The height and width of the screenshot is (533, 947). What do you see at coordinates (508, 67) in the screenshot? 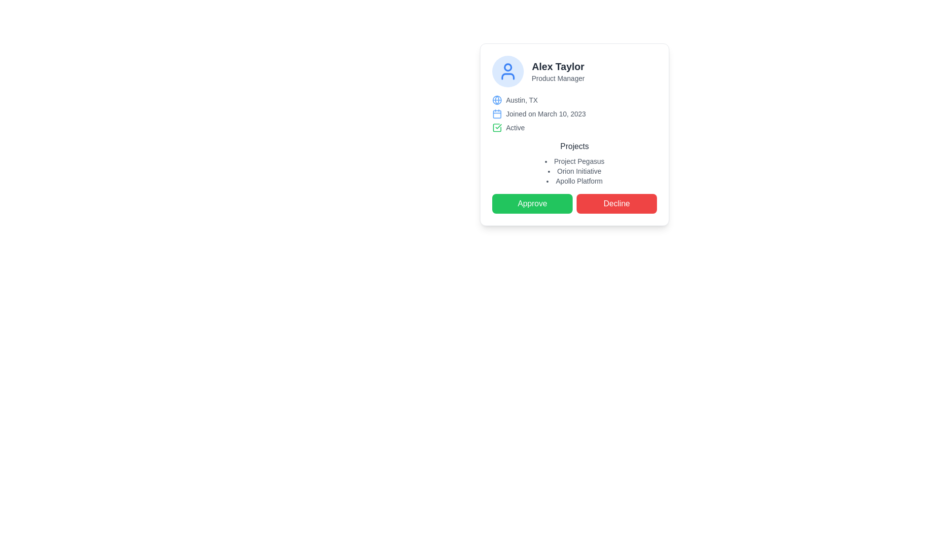
I see `the decorative vector component representing the head in the user profile icon, which is the top circular part of the icon` at bounding box center [508, 67].